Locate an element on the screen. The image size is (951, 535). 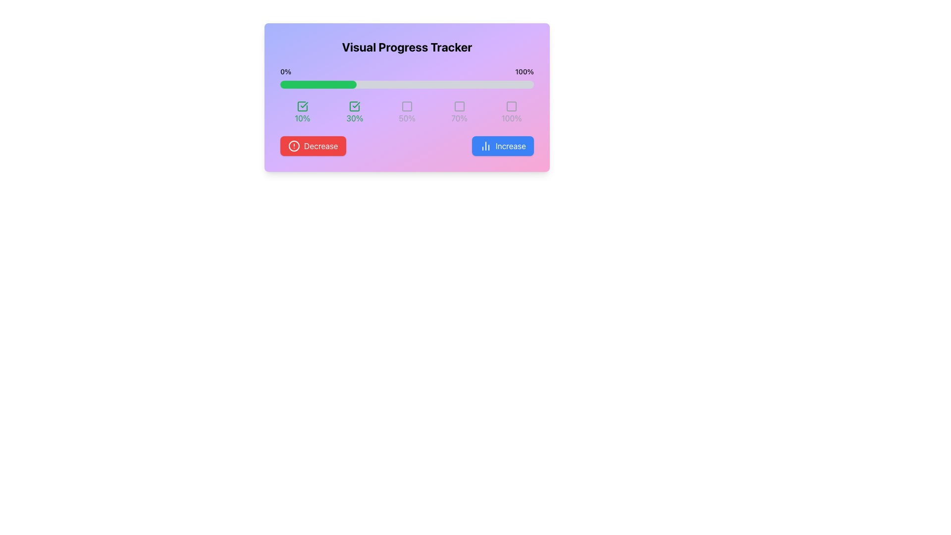
the outlined square icon with a checkmark inside, styled with a green stroke, indicating a confirmation state, located at the coordinates corresponding to the '10%' label under the progress tracker UI is located at coordinates (302, 107).